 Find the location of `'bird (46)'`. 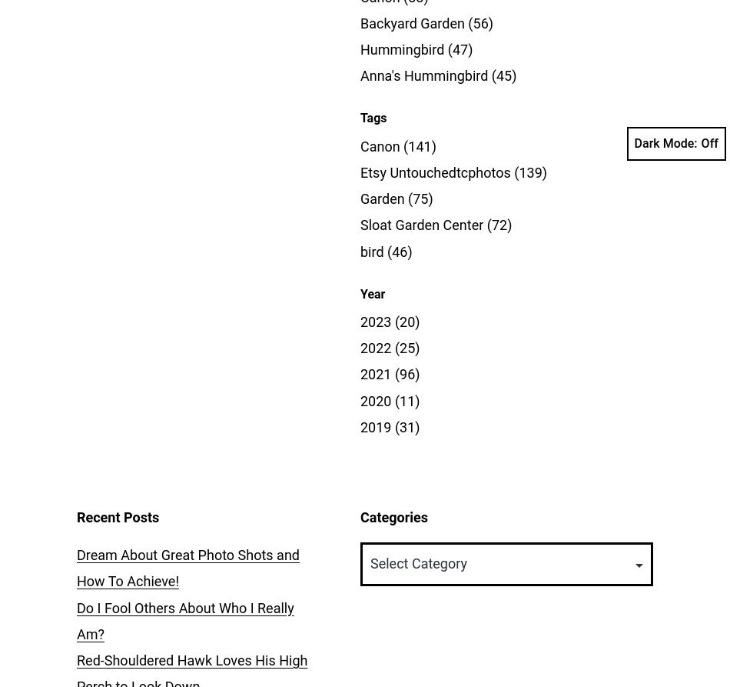

'bird (46)' is located at coordinates (386, 251).